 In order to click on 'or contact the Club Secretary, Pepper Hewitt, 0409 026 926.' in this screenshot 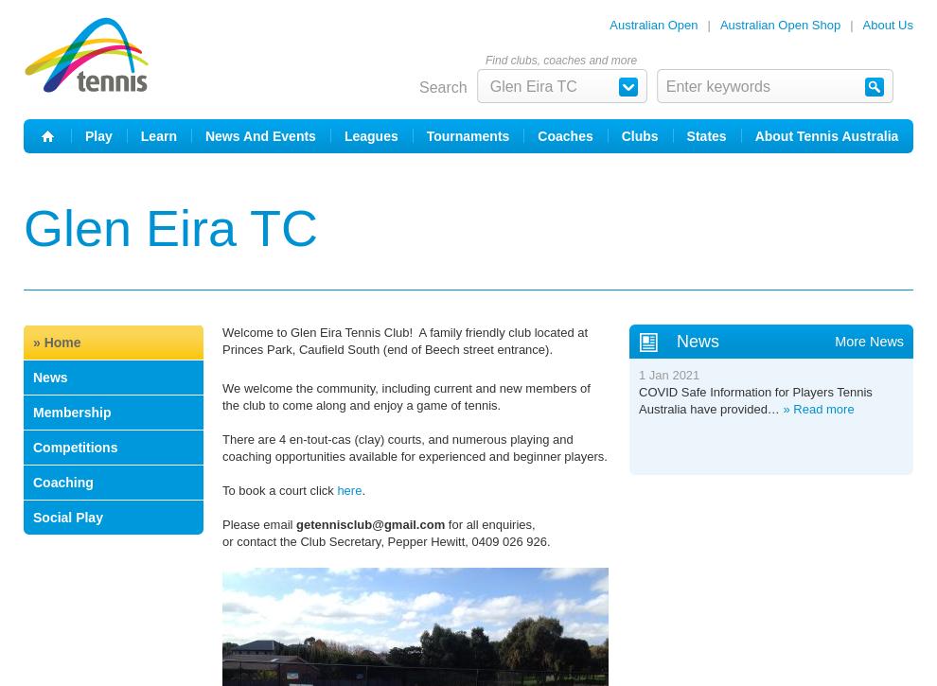, I will do `click(384, 541)`.